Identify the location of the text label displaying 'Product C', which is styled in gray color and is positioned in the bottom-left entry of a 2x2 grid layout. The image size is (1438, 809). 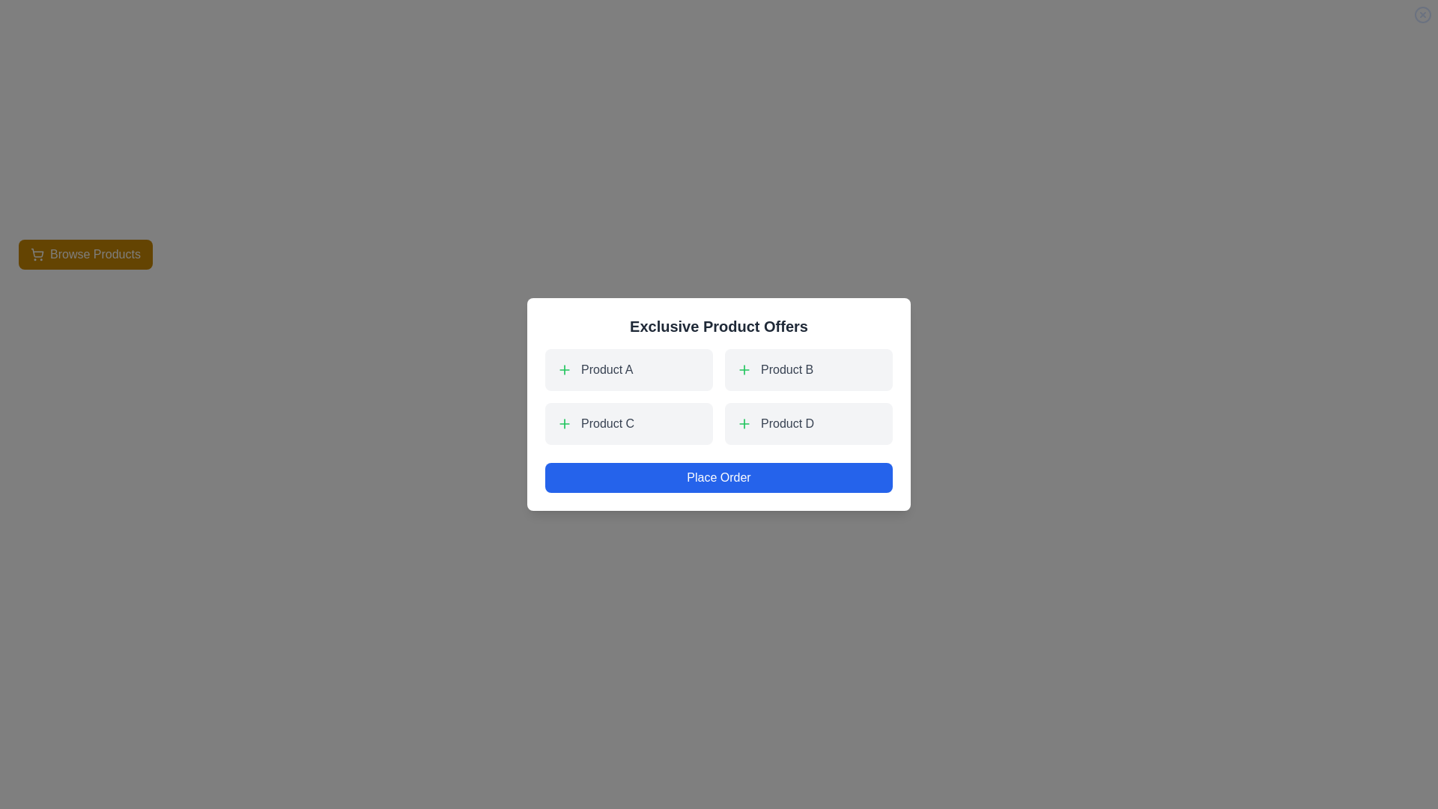
(607, 424).